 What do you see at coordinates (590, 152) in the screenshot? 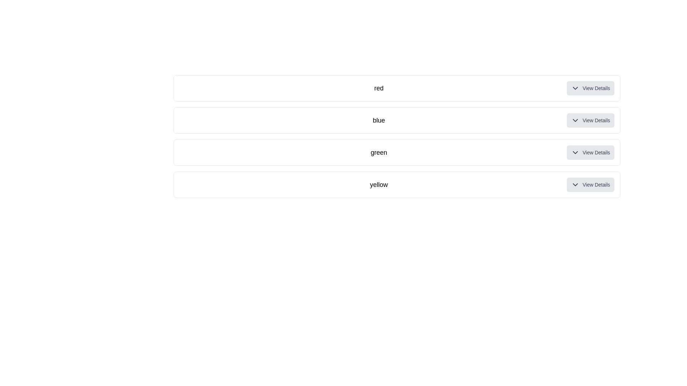
I see `the button located on the right side of the row corresponding to the label 'green', which is the third row from the top` at bounding box center [590, 152].